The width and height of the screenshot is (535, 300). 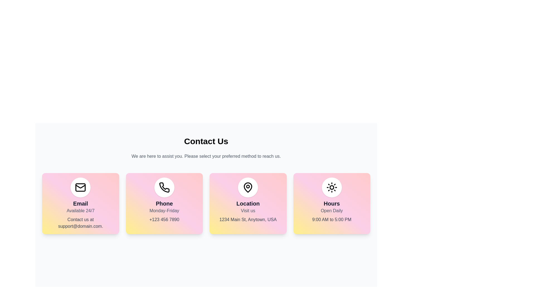 What do you see at coordinates (332, 203) in the screenshot?
I see `the text label indicating the hours of operation, located above the 'Open Daily' text in the bottom part of the rightmost card` at bounding box center [332, 203].